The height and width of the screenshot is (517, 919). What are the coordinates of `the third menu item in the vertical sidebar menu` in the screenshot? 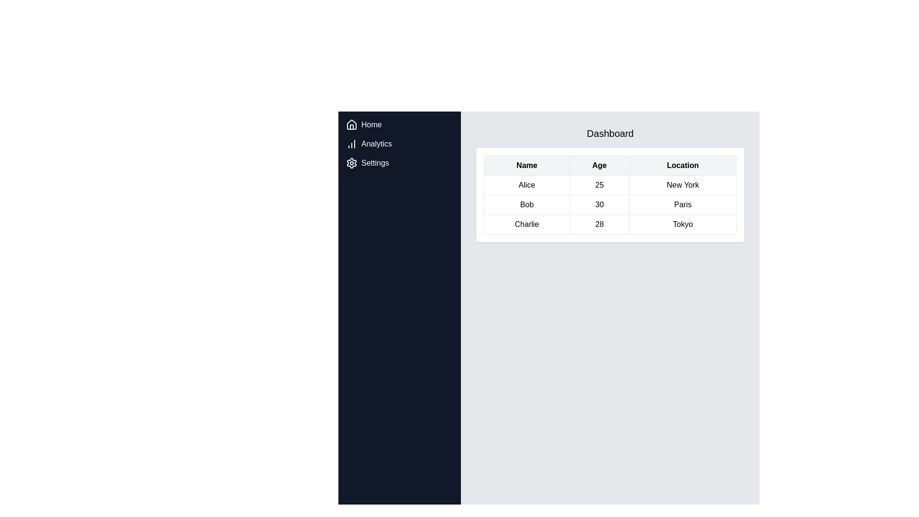 It's located at (400, 162).